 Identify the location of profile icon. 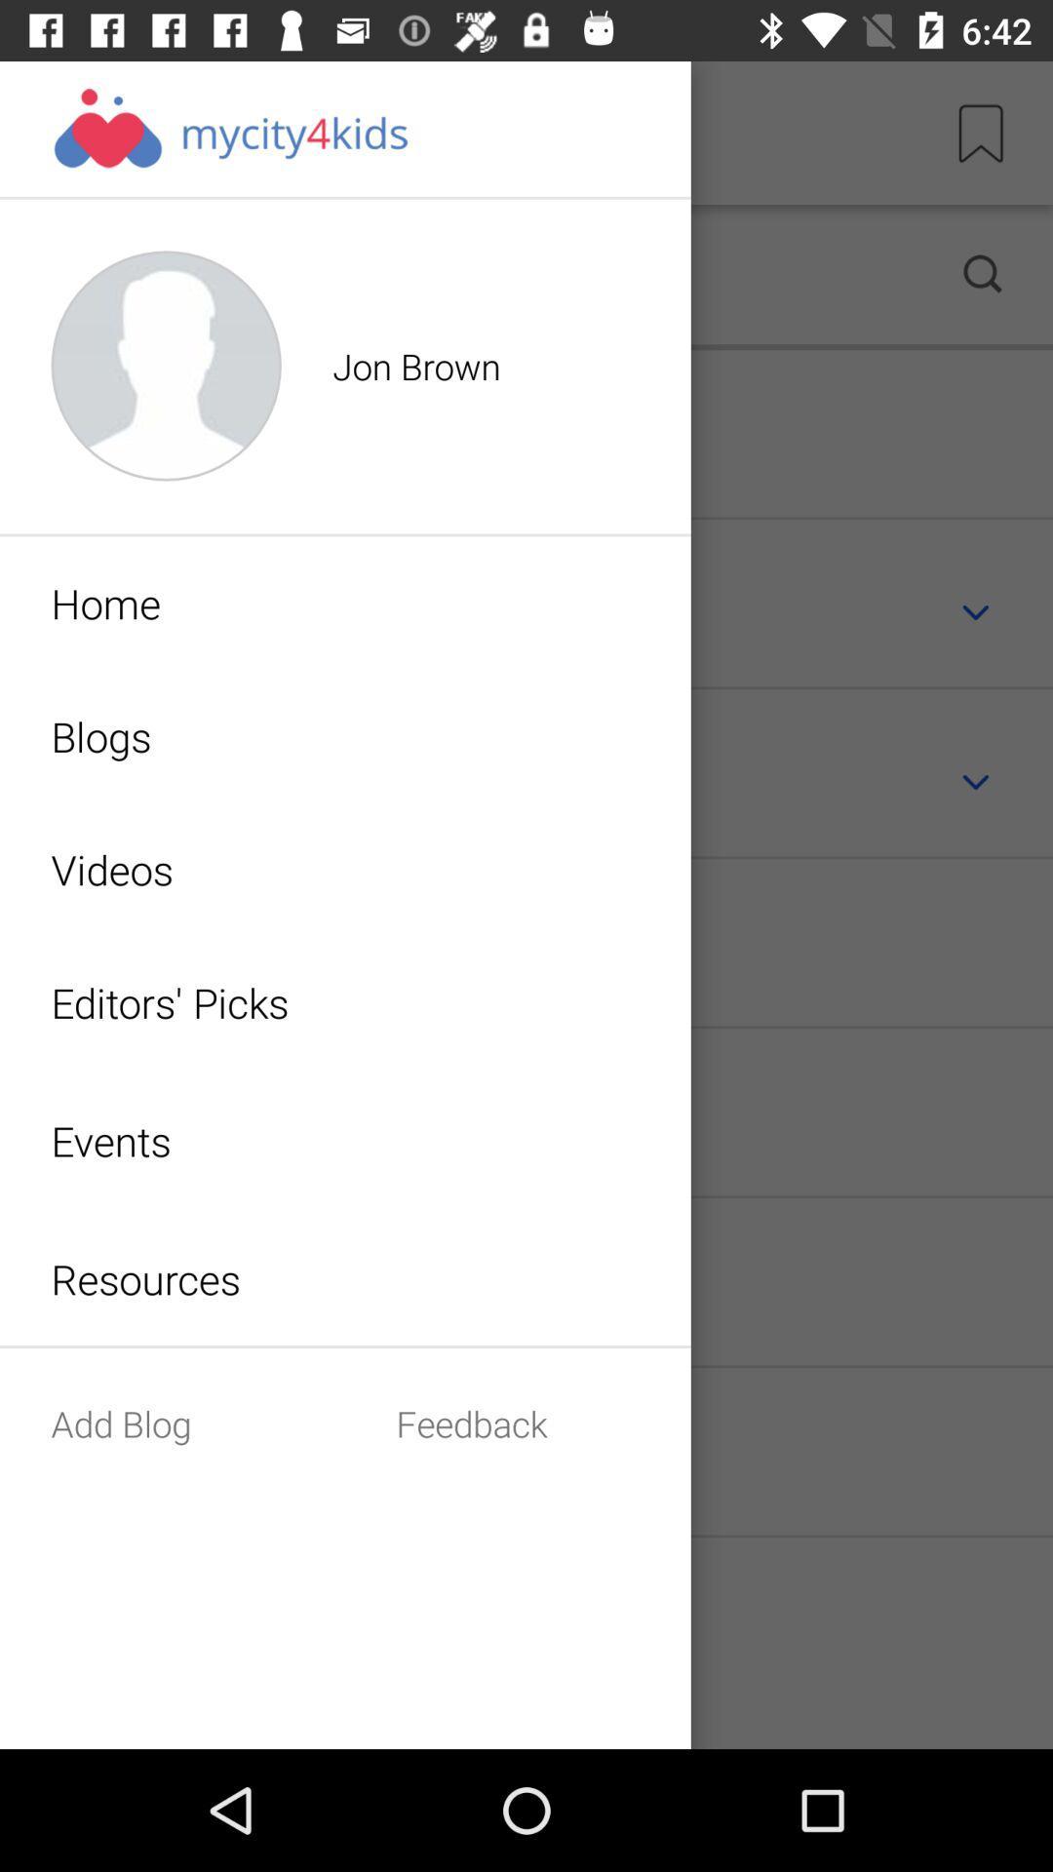
(466, 274).